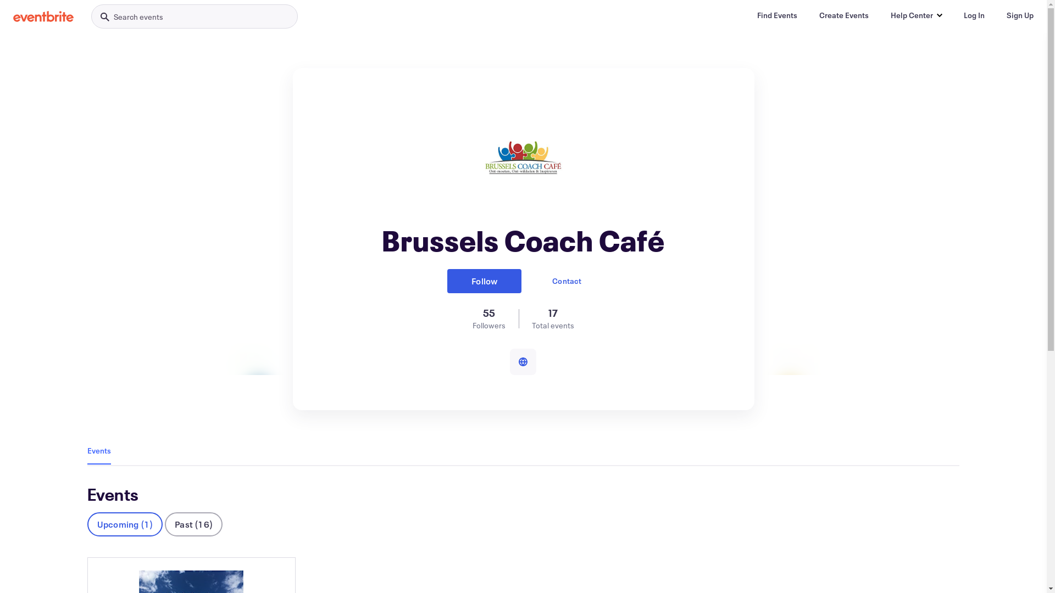 Image resolution: width=1055 pixels, height=593 pixels. Describe the element at coordinates (99, 450) in the screenshot. I see `'Events'` at that location.